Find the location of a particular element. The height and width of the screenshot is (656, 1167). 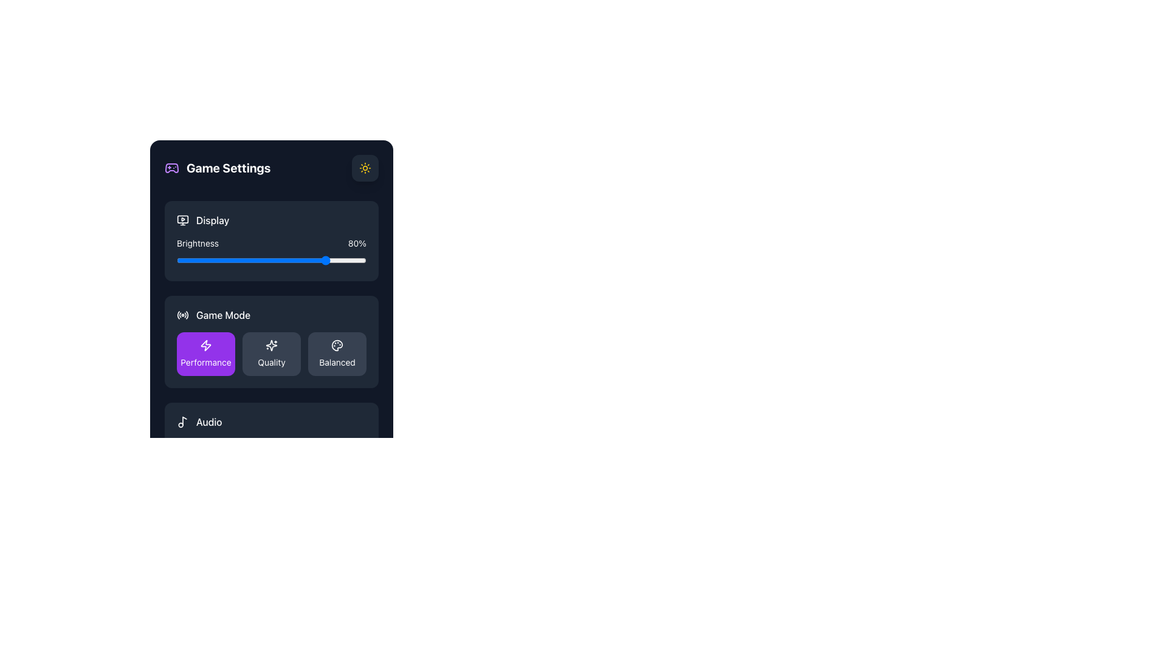

brightness is located at coordinates (267, 259).